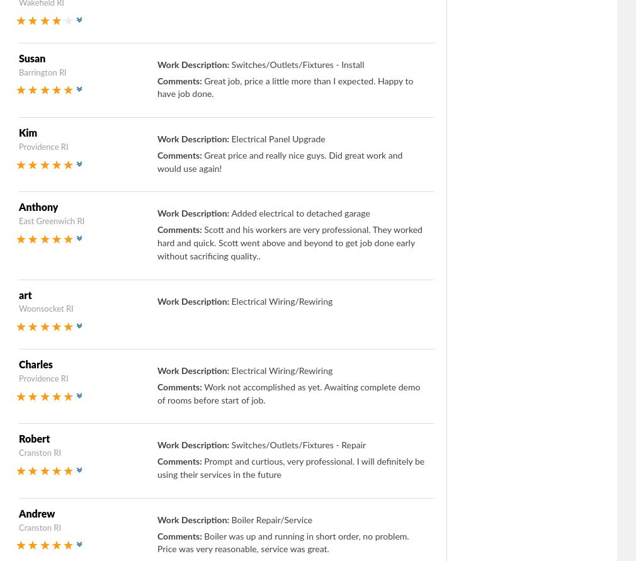 The width and height of the screenshot is (636, 561). What do you see at coordinates (18, 72) in the screenshot?
I see `'Barrington RI'` at bounding box center [18, 72].